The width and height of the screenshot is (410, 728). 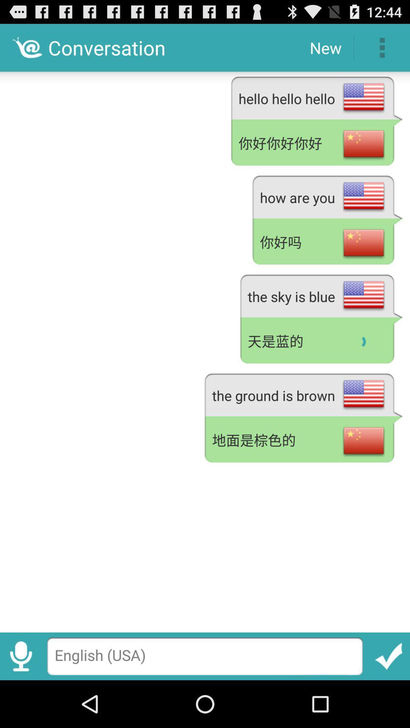 I want to click on text box, so click(x=205, y=656).